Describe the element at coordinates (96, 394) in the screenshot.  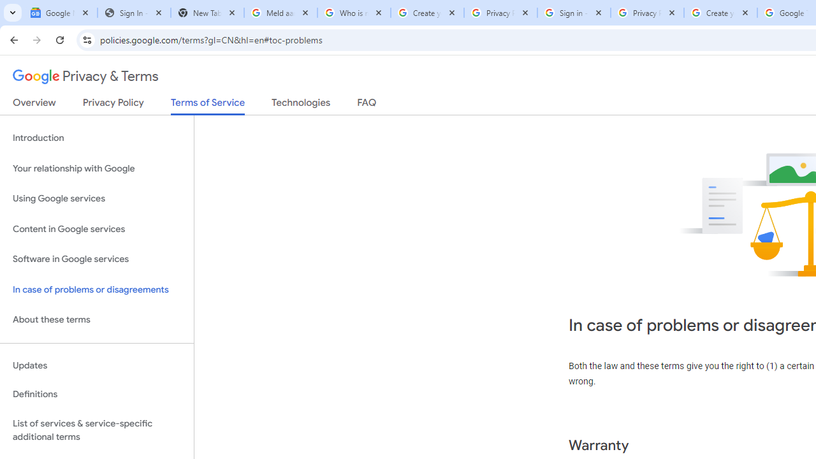
I see `'Definitions'` at that location.